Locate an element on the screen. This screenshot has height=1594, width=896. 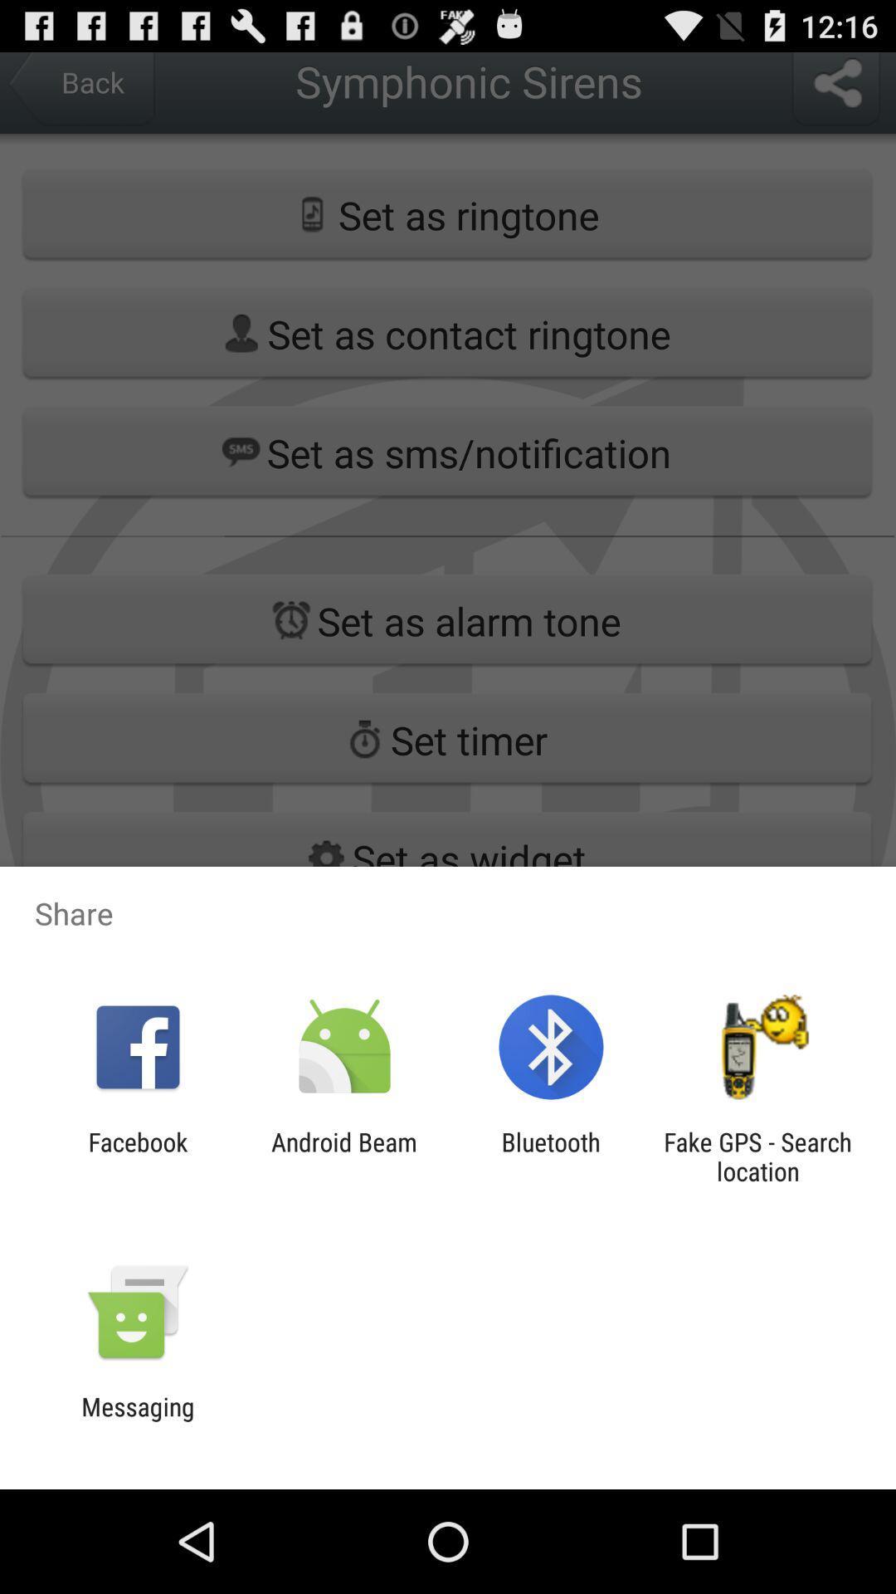
the messaging app is located at coordinates (137, 1420).